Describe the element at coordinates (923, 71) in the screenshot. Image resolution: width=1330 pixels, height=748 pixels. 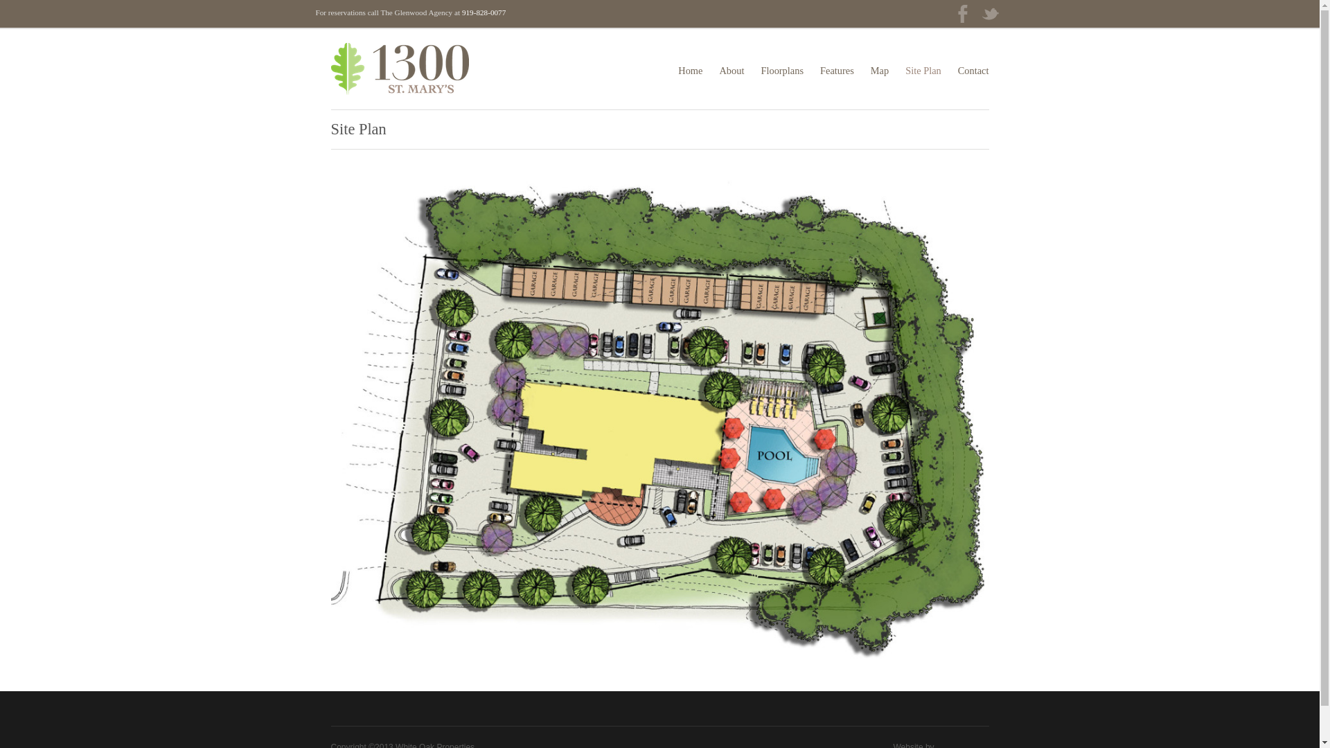
I see `'Site Plan'` at that location.